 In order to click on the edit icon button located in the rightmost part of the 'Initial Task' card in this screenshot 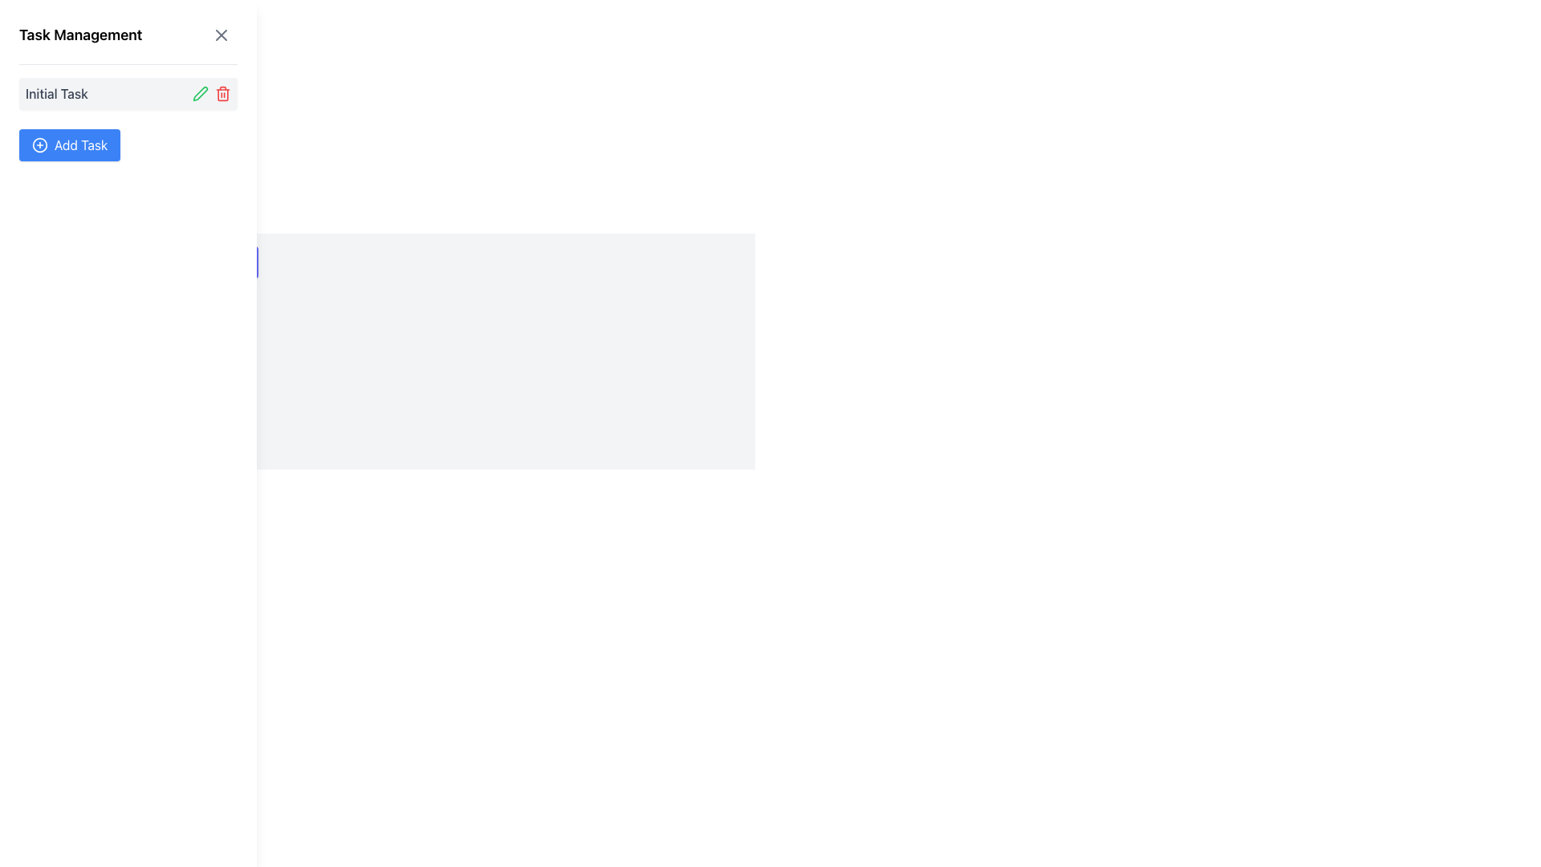, I will do `click(199, 93)`.